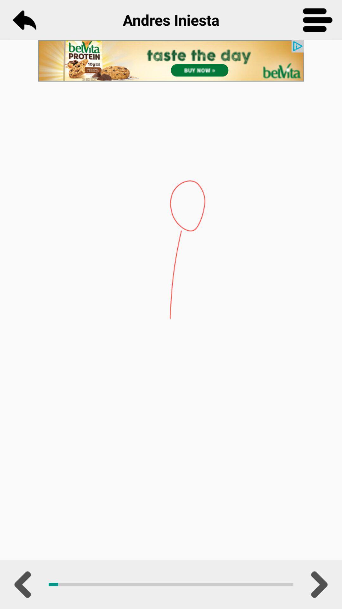 This screenshot has height=609, width=342. Describe the element at coordinates (318, 20) in the screenshot. I see `see more options` at that location.